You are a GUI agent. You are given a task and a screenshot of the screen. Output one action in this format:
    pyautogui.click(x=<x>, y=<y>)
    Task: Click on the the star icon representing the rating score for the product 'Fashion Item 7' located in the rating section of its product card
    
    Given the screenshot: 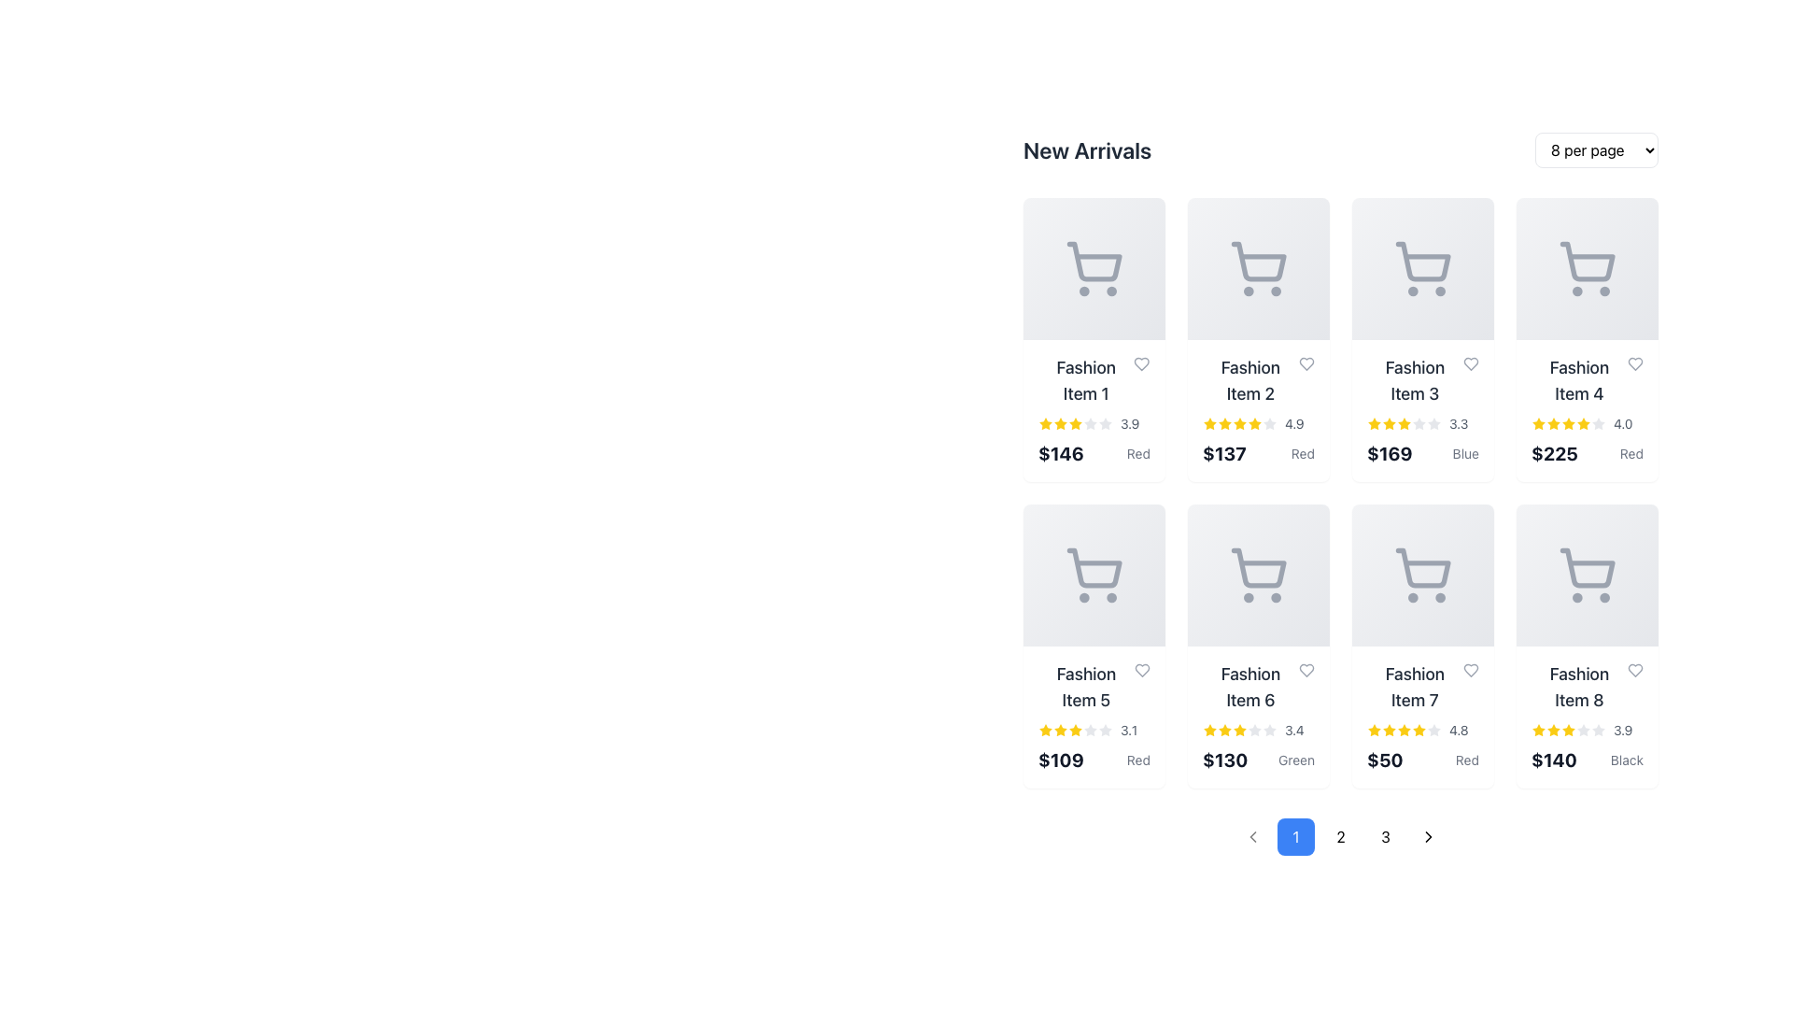 What is the action you would take?
    pyautogui.click(x=1375, y=729)
    